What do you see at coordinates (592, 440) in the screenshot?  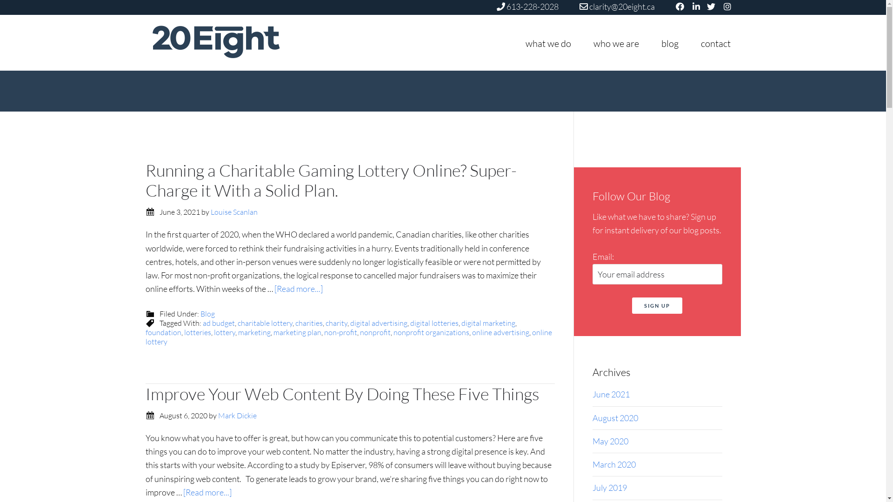 I see `'May 2020'` at bounding box center [592, 440].